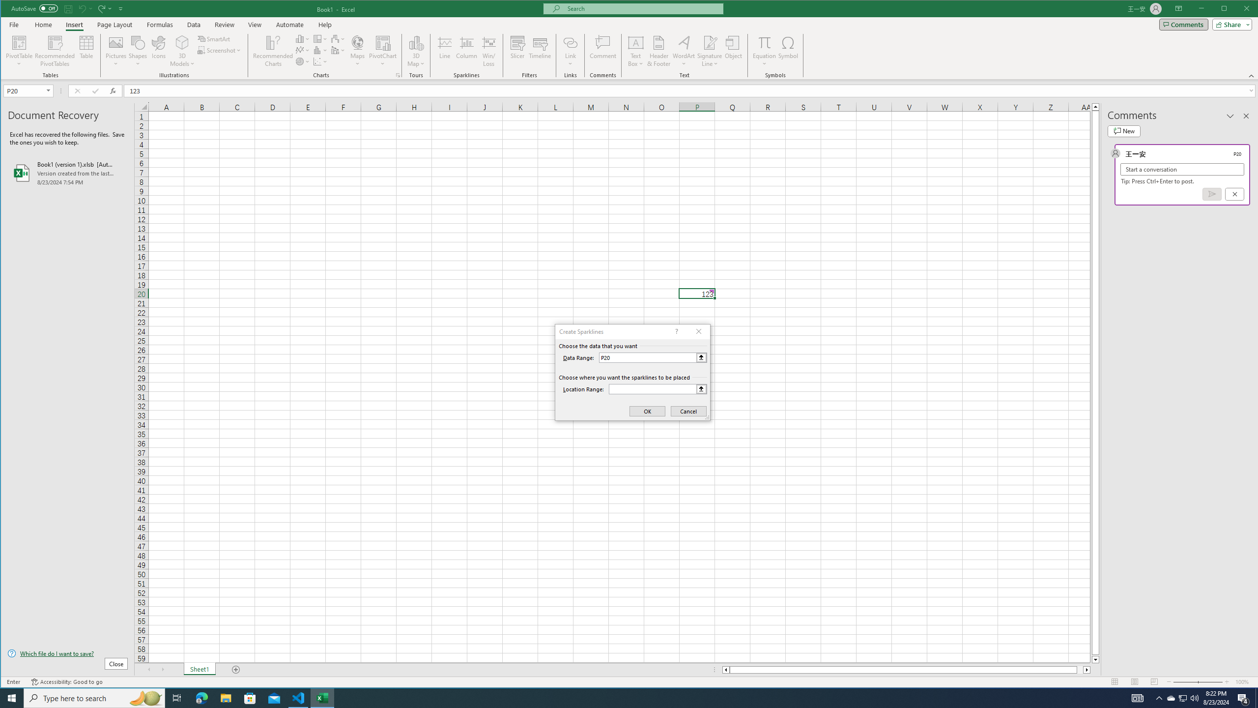  I want to click on 'Start a conversation', so click(1182, 169).